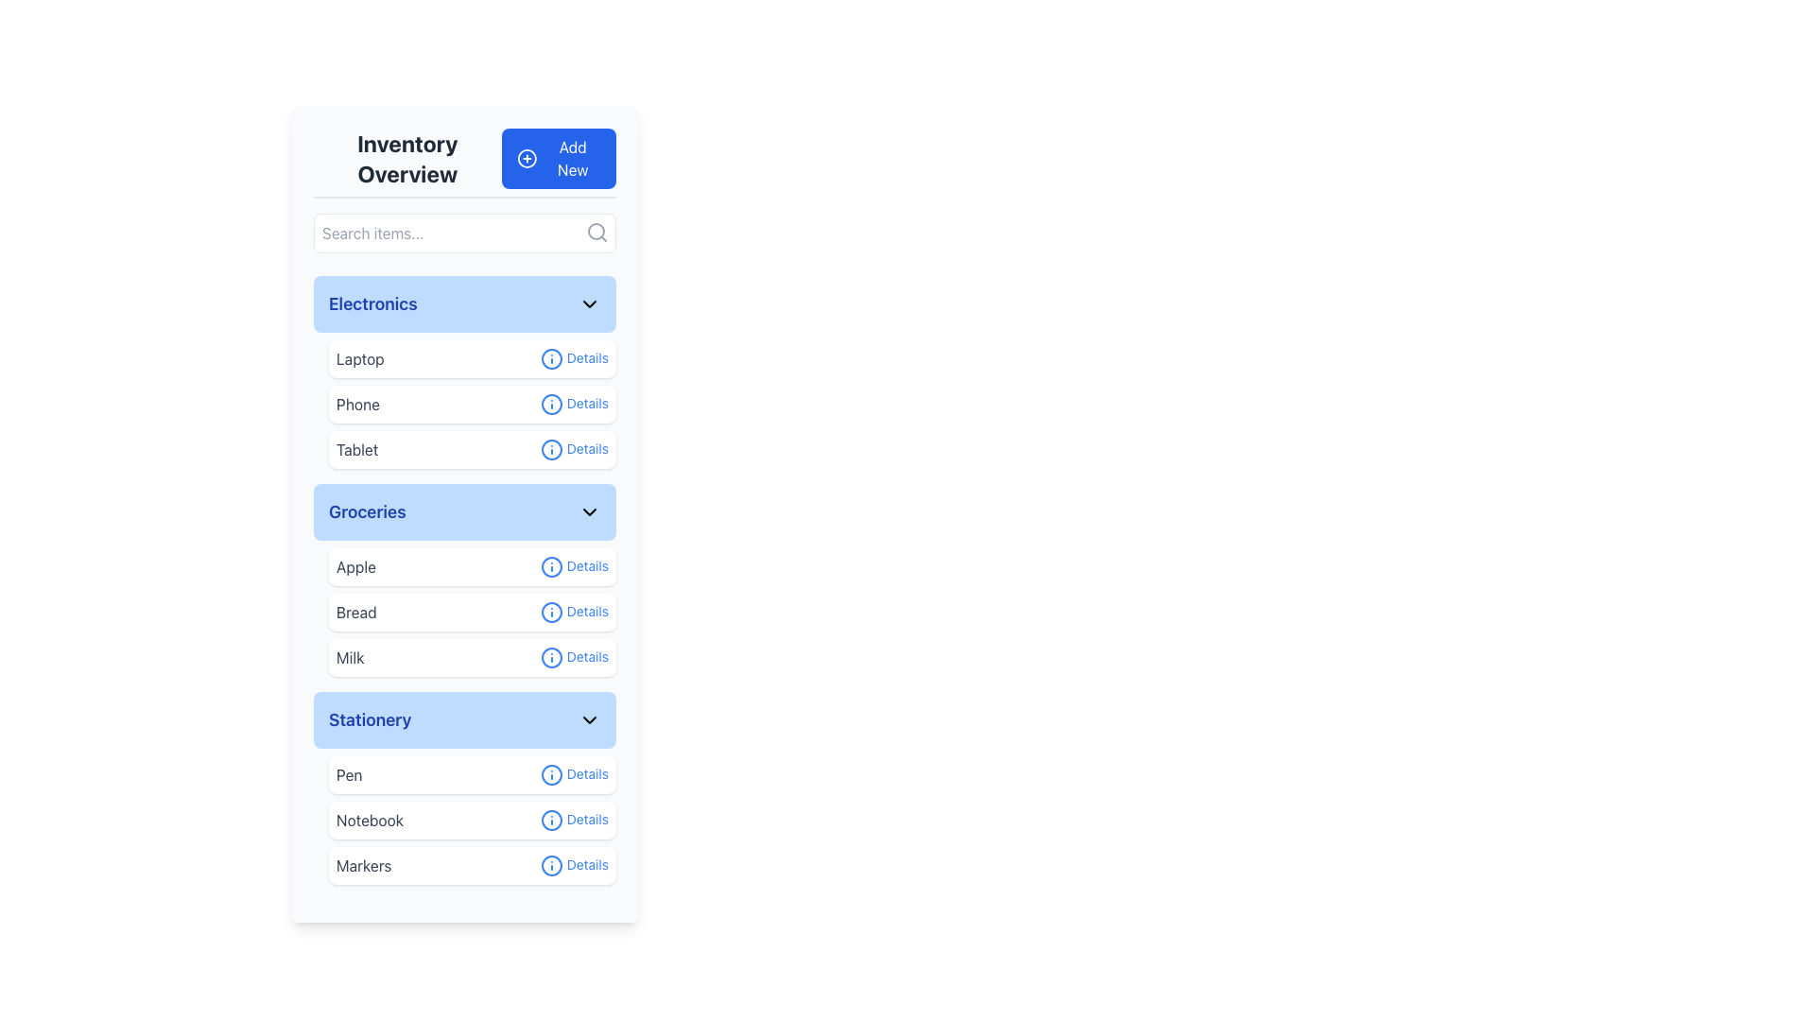 The image size is (1815, 1021). I want to click on the blue circular icon with an 'i' symbol located next to the 'Details' text in the second row under the 'Groceries' category, next to the 'Bread' item, so click(550, 613).